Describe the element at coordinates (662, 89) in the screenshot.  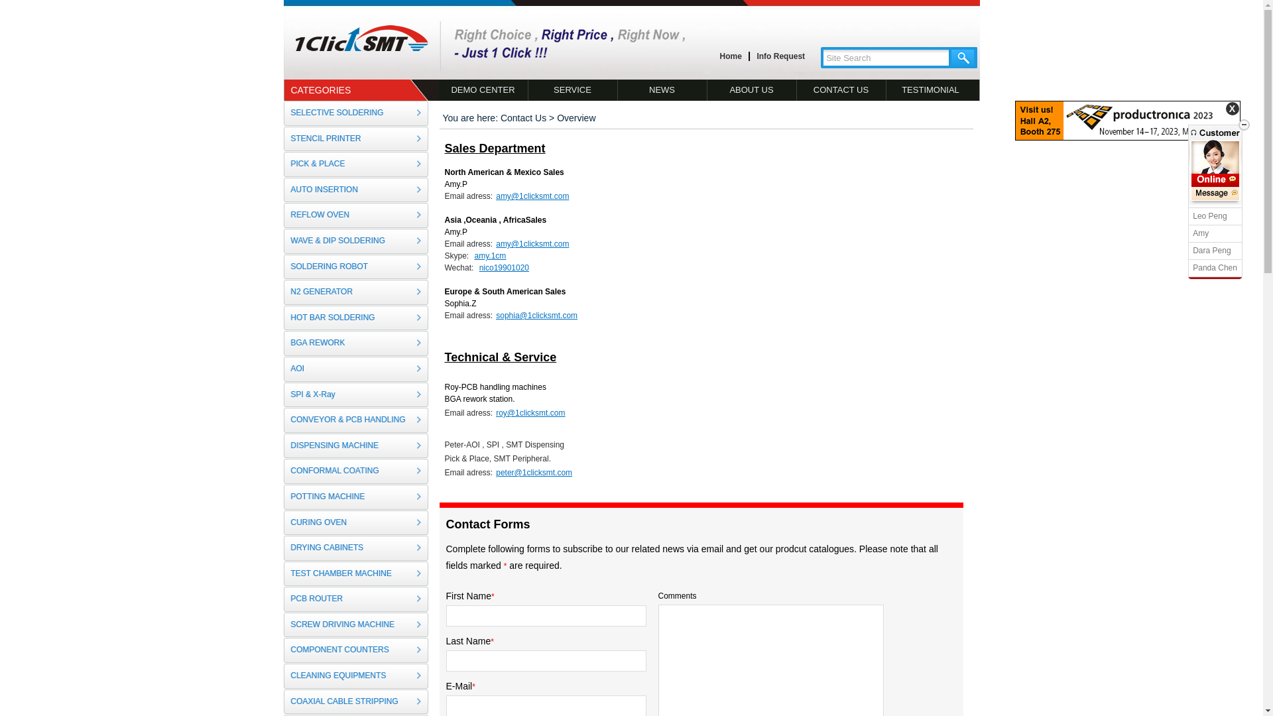
I see `'NEWS'` at that location.